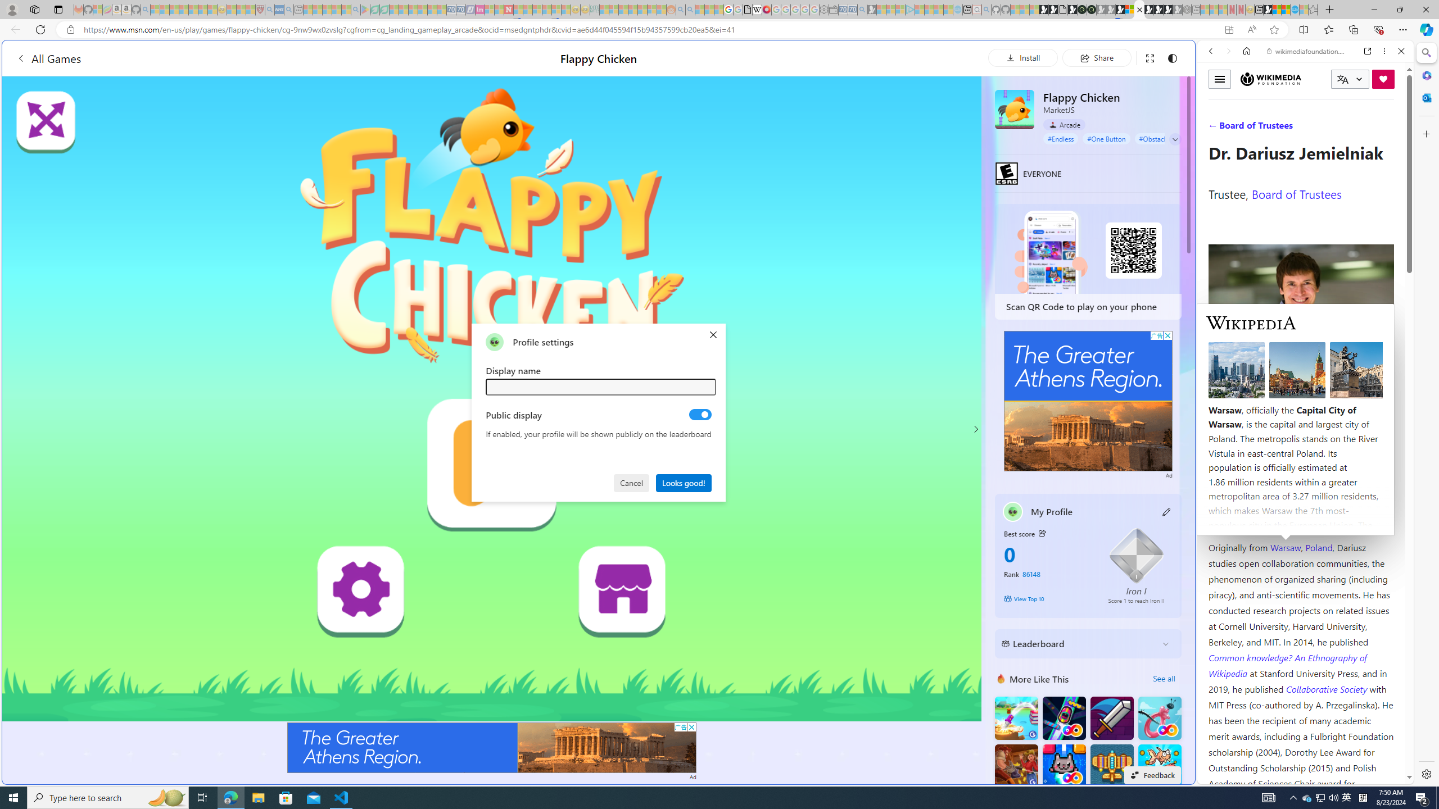 This screenshot has width=1439, height=809. What do you see at coordinates (1193, 56) in the screenshot?
I see `'Close split screen'` at bounding box center [1193, 56].